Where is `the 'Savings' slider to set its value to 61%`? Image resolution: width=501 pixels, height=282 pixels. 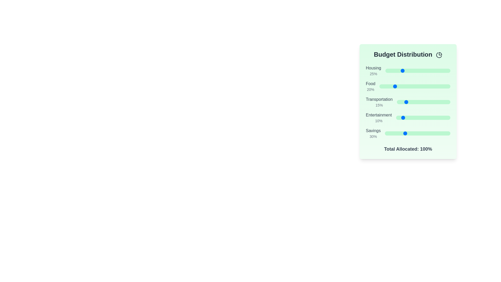
the 'Savings' slider to set its value to 61% is located at coordinates (425, 133).